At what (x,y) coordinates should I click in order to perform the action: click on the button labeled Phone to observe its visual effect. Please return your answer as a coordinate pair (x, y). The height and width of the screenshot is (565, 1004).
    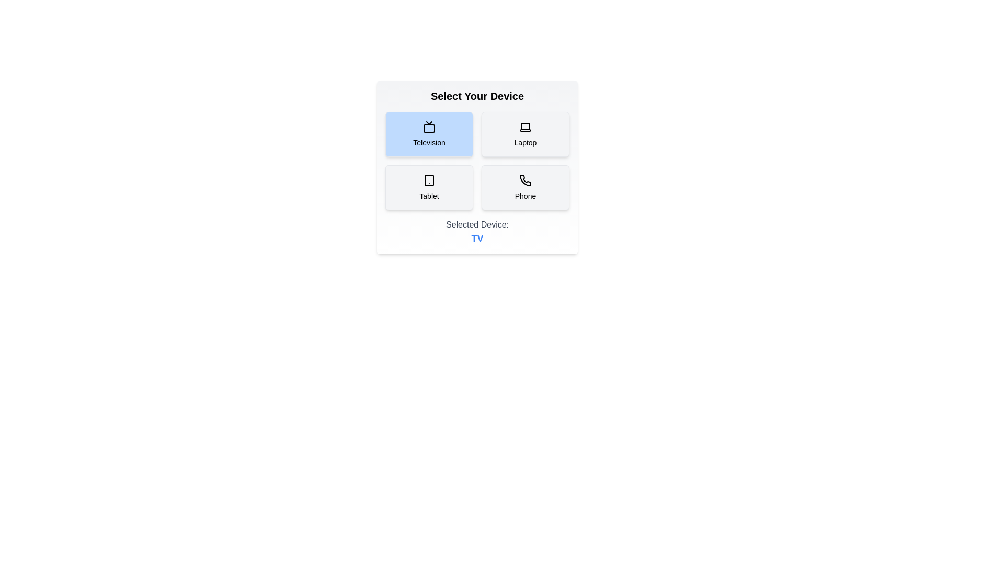
    Looking at the image, I should click on (525, 187).